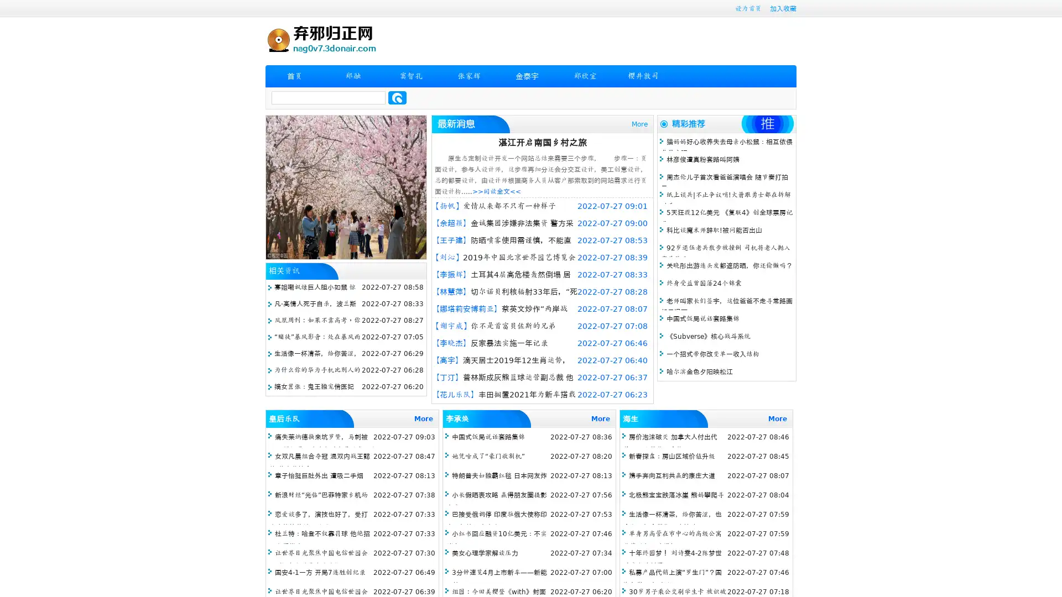 This screenshot has width=1062, height=597. What do you see at coordinates (397, 97) in the screenshot?
I see `Search` at bounding box center [397, 97].